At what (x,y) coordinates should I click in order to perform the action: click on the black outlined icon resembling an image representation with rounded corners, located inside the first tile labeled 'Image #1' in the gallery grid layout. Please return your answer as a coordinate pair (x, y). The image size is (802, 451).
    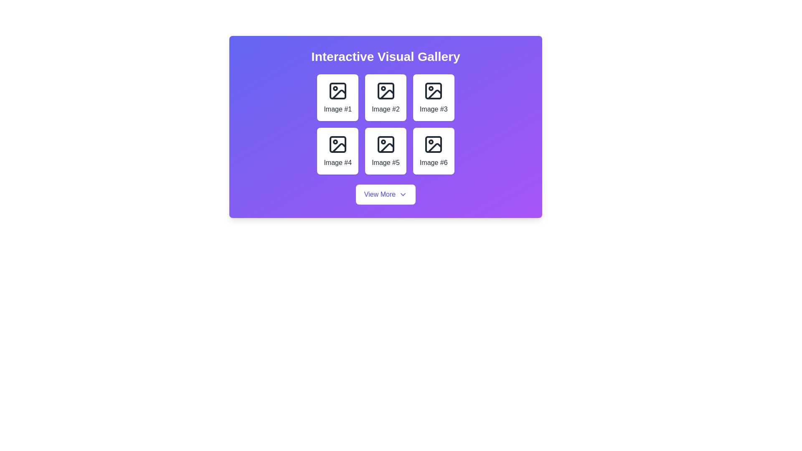
    Looking at the image, I should click on (338, 91).